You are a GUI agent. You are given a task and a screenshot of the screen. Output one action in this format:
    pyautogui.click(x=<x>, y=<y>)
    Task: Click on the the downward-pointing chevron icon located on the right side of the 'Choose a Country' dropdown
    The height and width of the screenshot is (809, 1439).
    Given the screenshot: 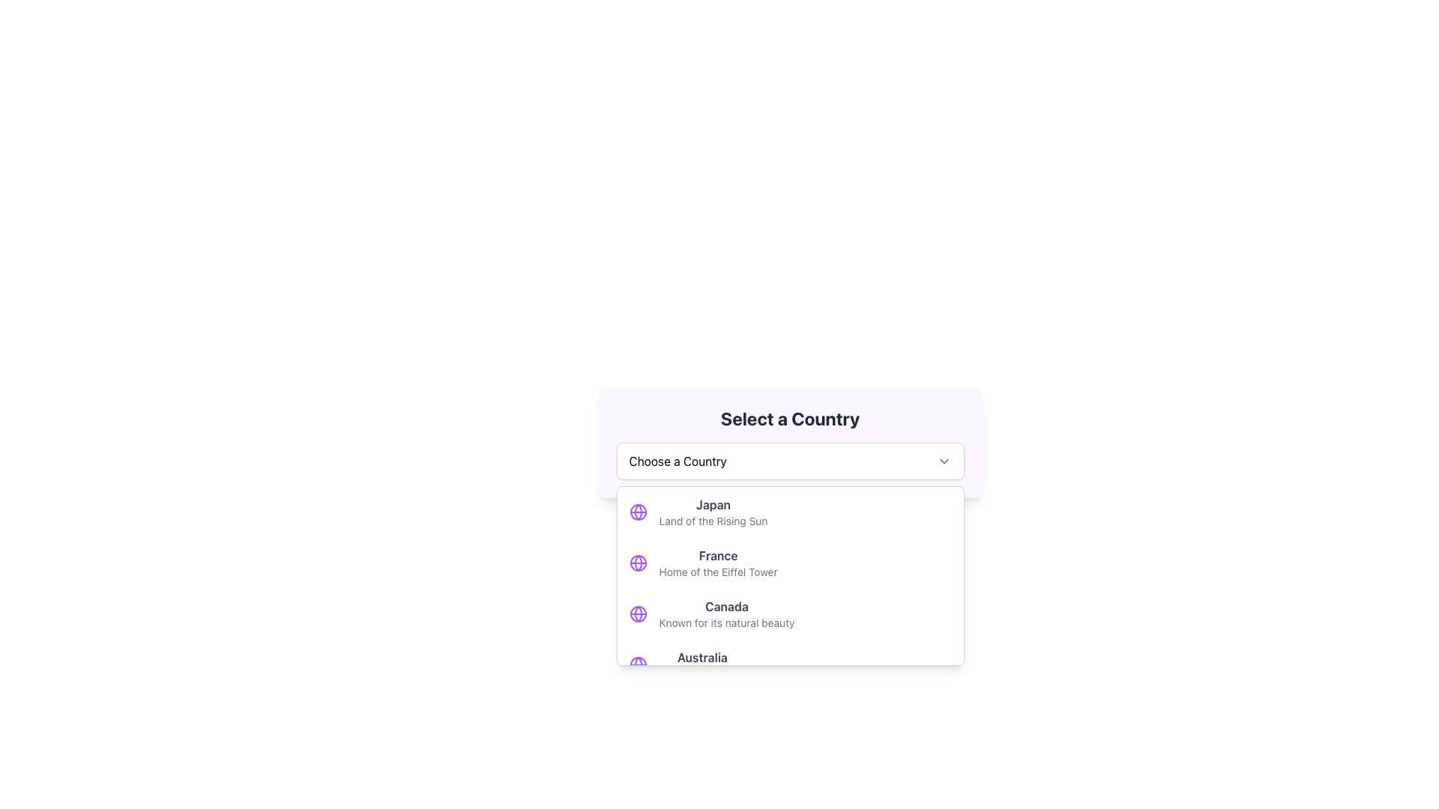 What is the action you would take?
    pyautogui.click(x=943, y=461)
    